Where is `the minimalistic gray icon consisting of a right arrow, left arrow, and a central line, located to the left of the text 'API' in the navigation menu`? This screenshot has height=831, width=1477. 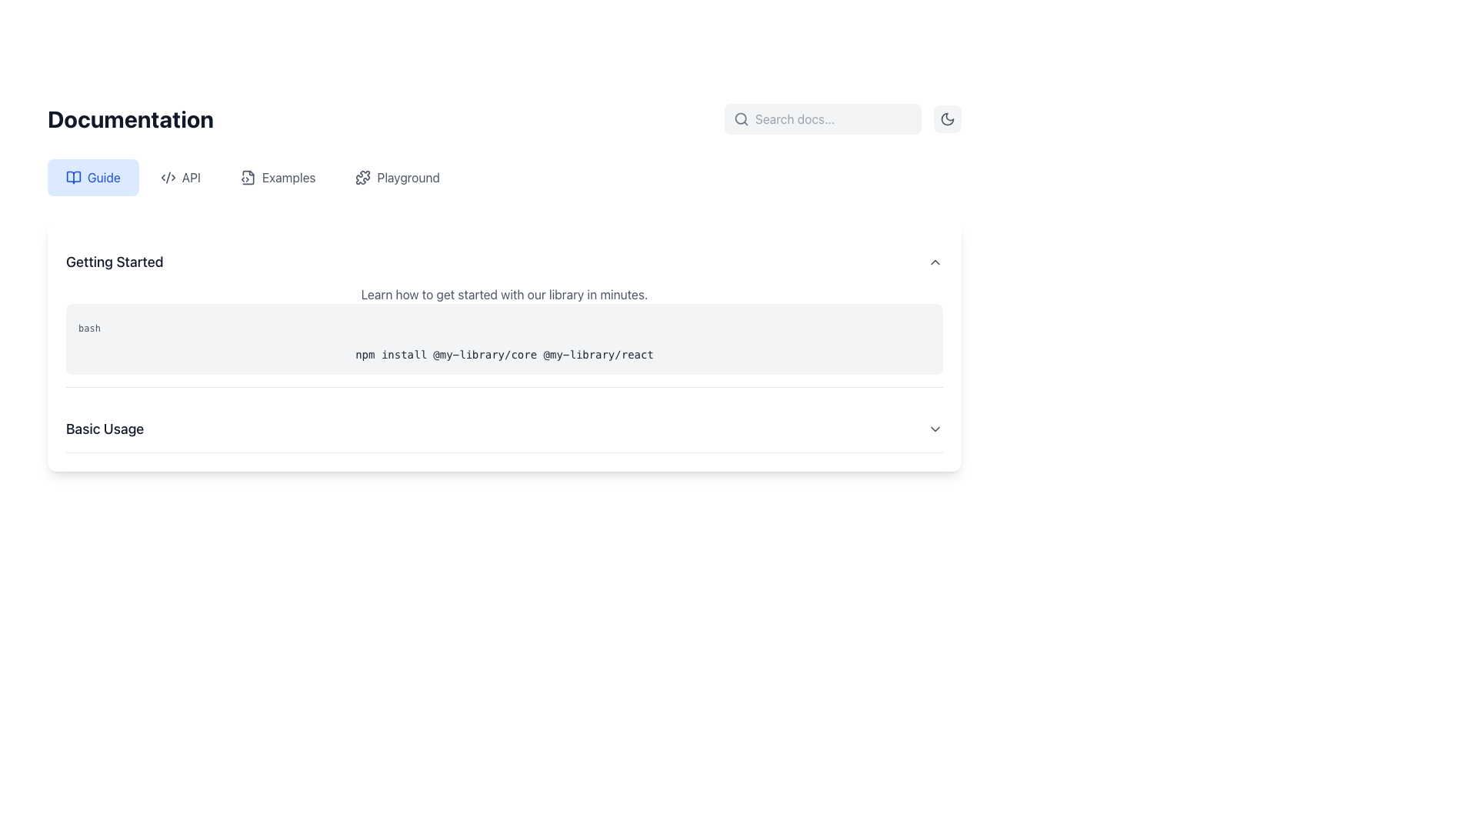
the minimalistic gray icon consisting of a right arrow, left arrow, and a central line, located to the left of the text 'API' in the navigation menu is located at coordinates (168, 177).